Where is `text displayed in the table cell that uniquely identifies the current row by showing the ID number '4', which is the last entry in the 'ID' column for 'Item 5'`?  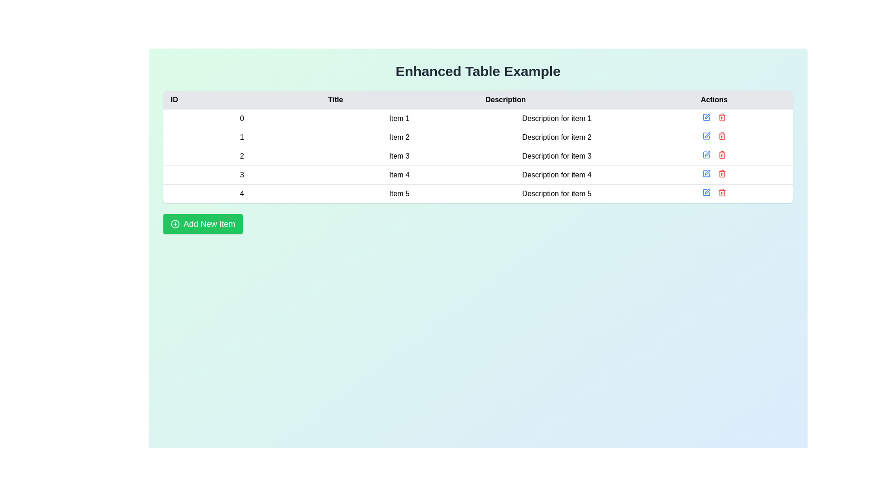
text displayed in the table cell that uniquely identifies the current row by showing the ID number '4', which is the last entry in the 'ID' column for 'Item 5' is located at coordinates (242, 193).